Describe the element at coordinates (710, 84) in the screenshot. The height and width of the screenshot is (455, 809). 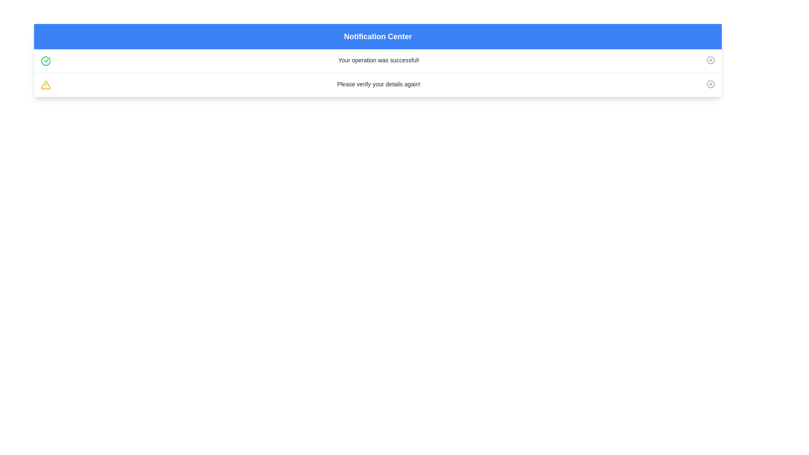
I see `close button for the notification with message 'Please verify your details again!'` at that location.